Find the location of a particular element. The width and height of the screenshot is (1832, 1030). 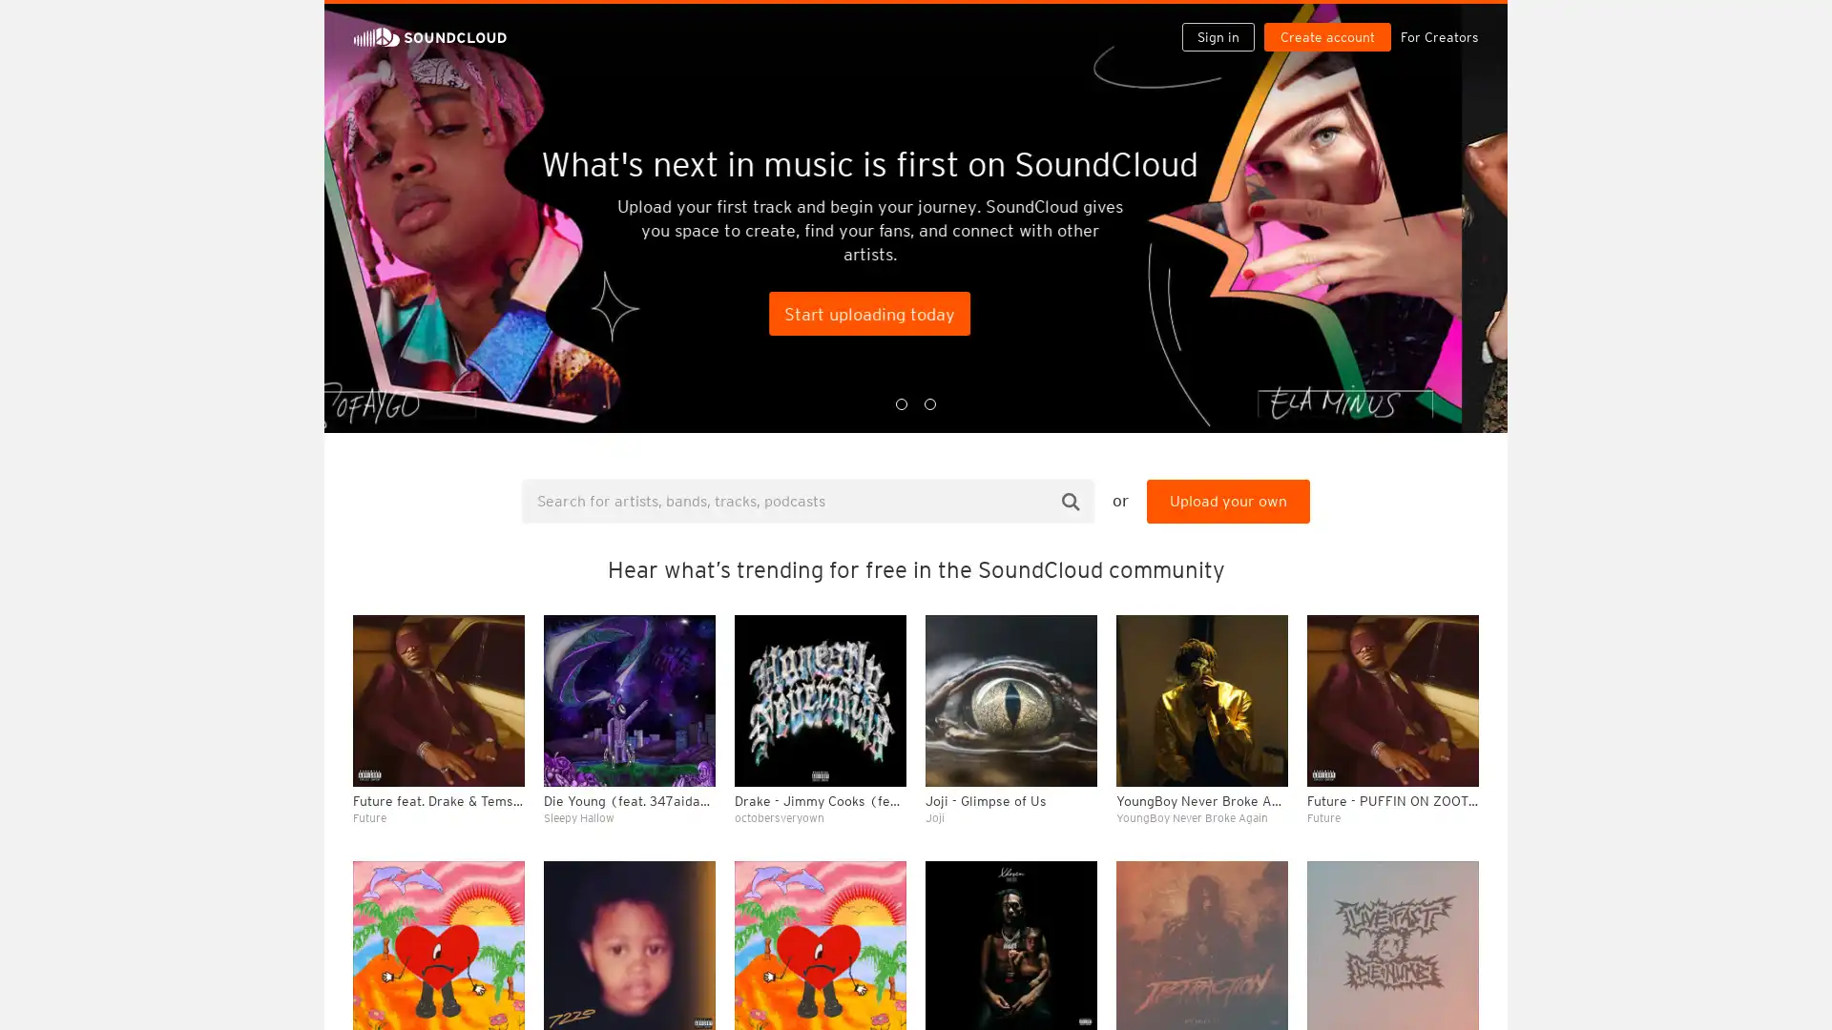

Search is located at coordinates (1071, 500).